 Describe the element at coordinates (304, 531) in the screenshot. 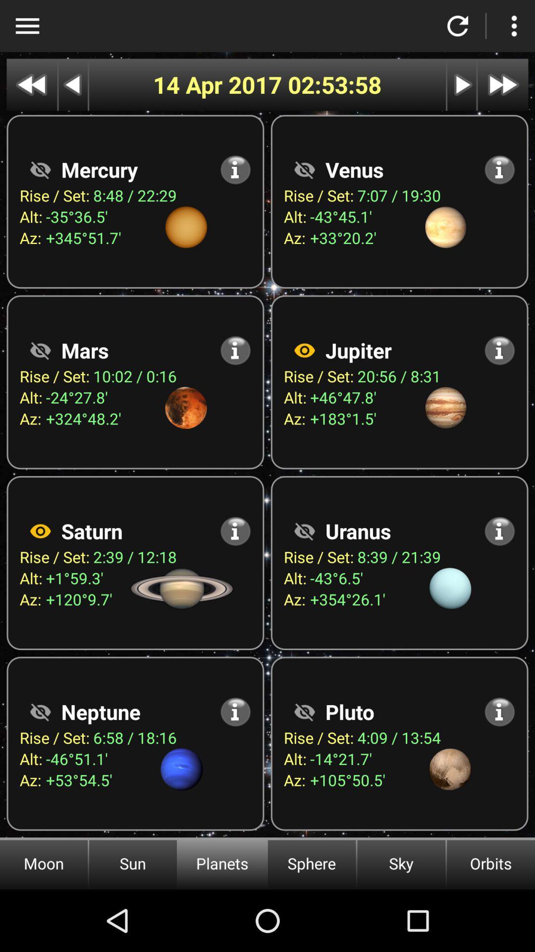

I see `visibility` at that location.